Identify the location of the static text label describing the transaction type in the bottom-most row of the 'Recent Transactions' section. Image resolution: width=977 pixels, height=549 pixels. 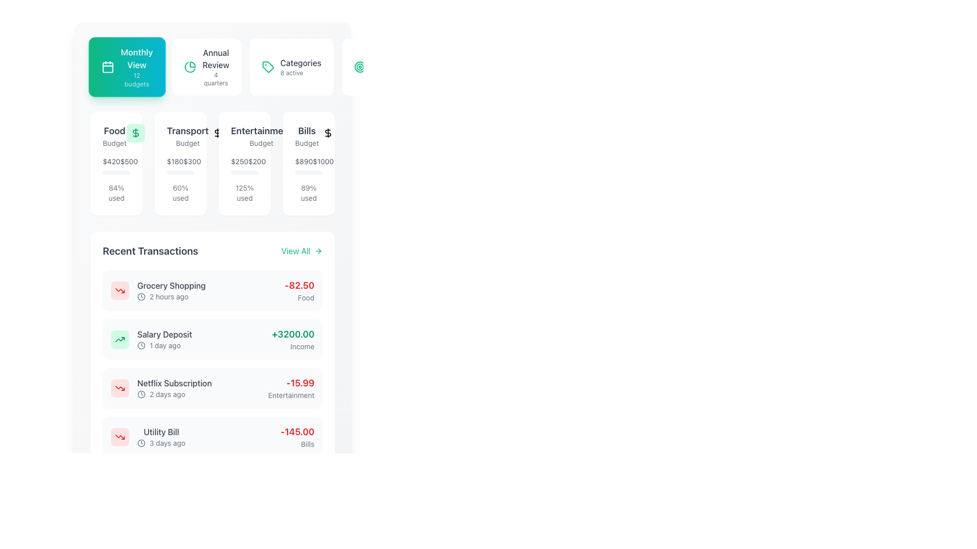
(161, 432).